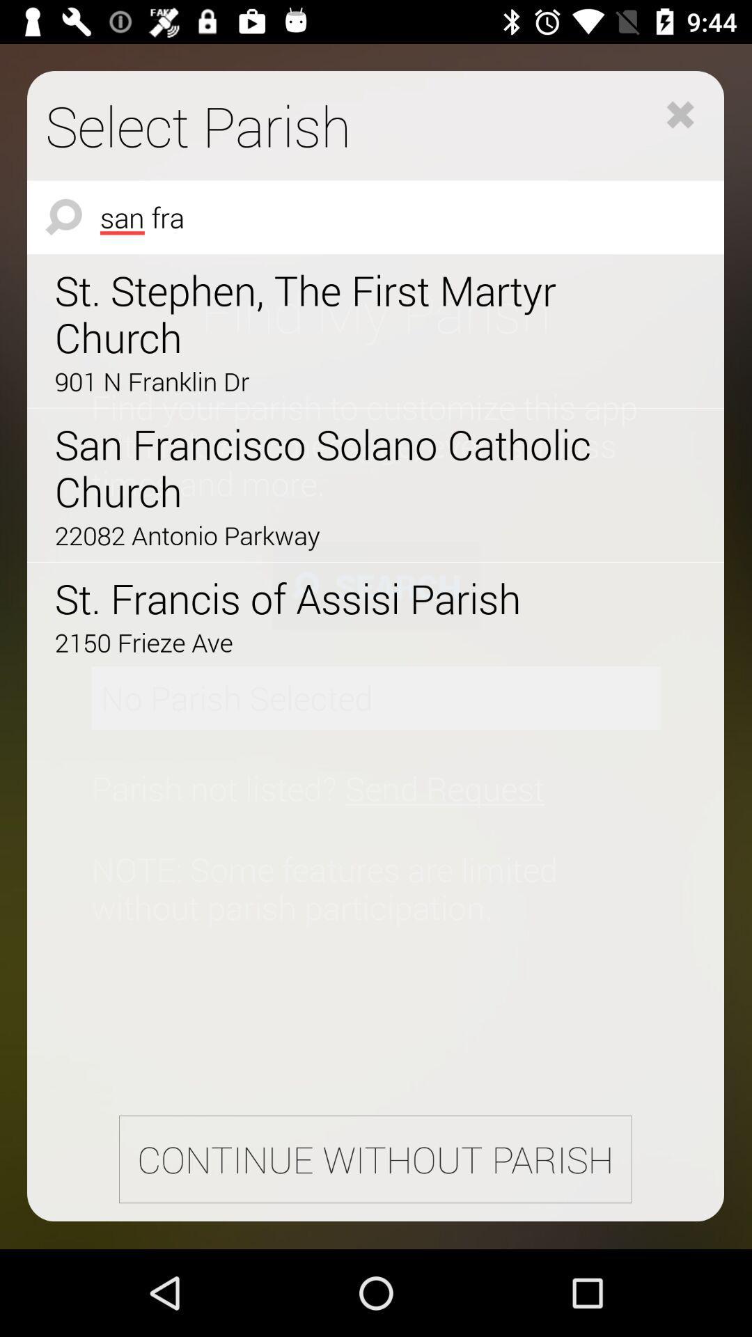 The width and height of the screenshot is (752, 1337). What do you see at coordinates (336, 381) in the screenshot?
I see `901 n franklin item` at bounding box center [336, 381].